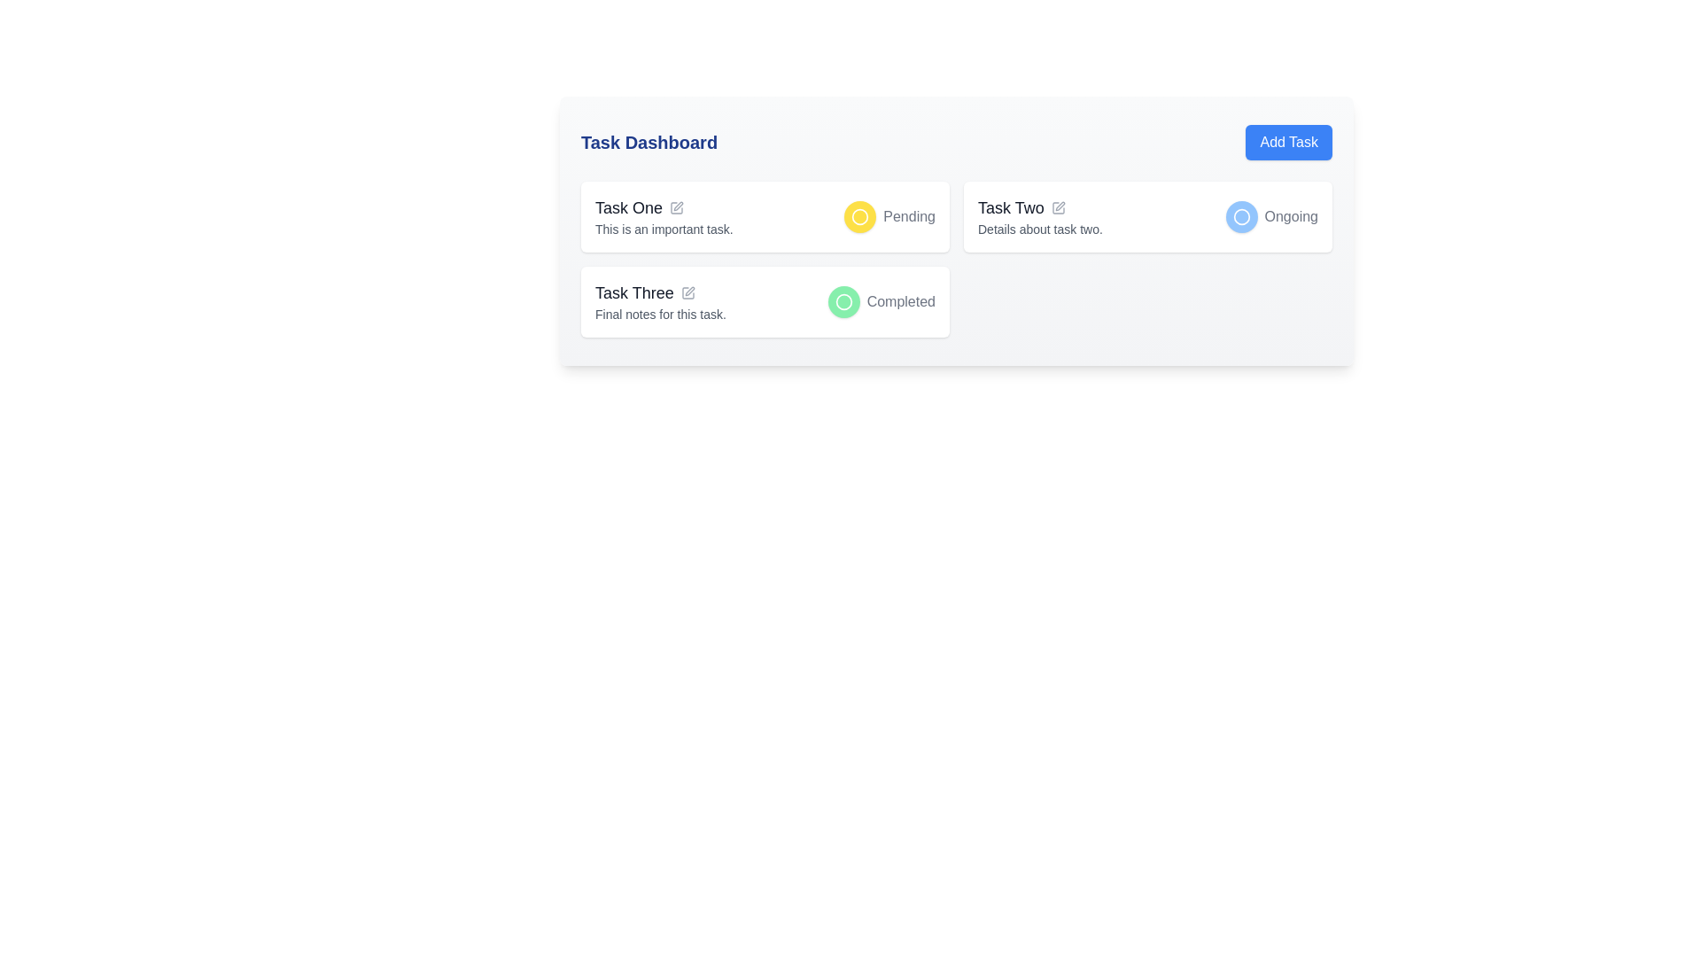 Image resolution: width=1701 pixels, height=957 pixels. What do you see at coordinates (1058, 207) in the screenshot?
I see `the gray pen icon located to the right of the 'Task Two' text` at bounding box center [1058, 207].